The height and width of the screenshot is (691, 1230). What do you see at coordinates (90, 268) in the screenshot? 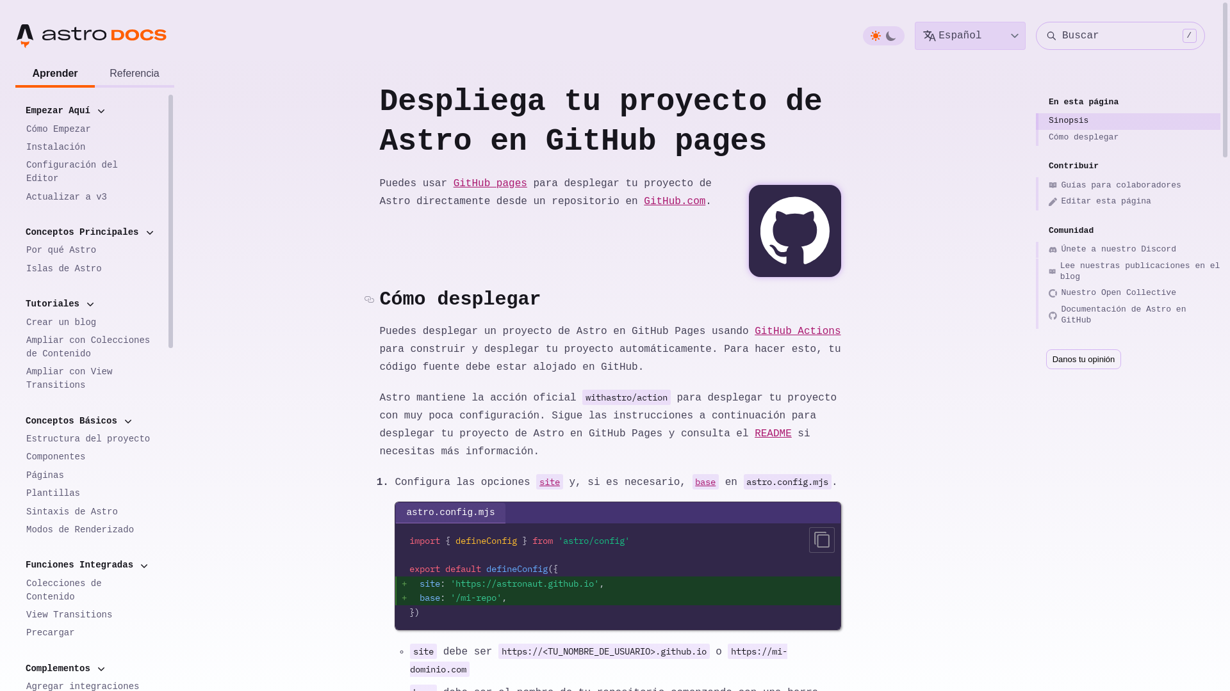
I see `'Islas de Astro'` at bounding box center [90, 268].